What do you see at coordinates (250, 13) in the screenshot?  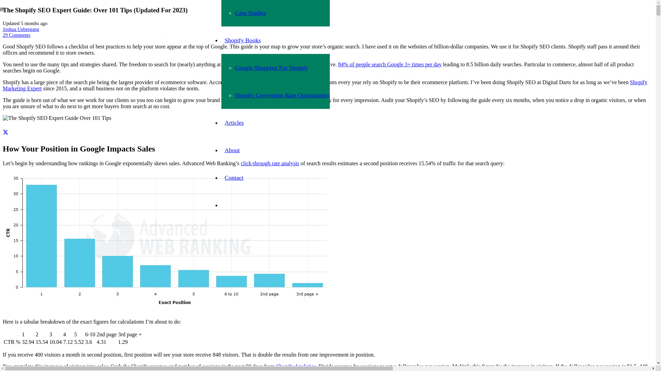 I see `'Case Studies'` at bounding box center [250, 13].